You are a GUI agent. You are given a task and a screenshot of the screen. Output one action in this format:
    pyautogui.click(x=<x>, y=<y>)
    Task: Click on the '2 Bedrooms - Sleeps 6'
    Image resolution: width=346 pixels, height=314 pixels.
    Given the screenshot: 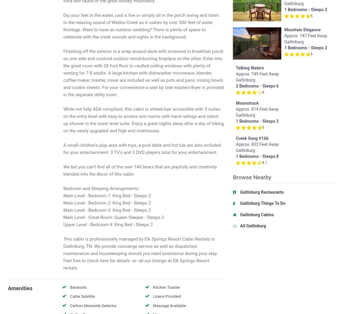 What is the action you would take?
    pyautogui.click(x=306, y=85)
    